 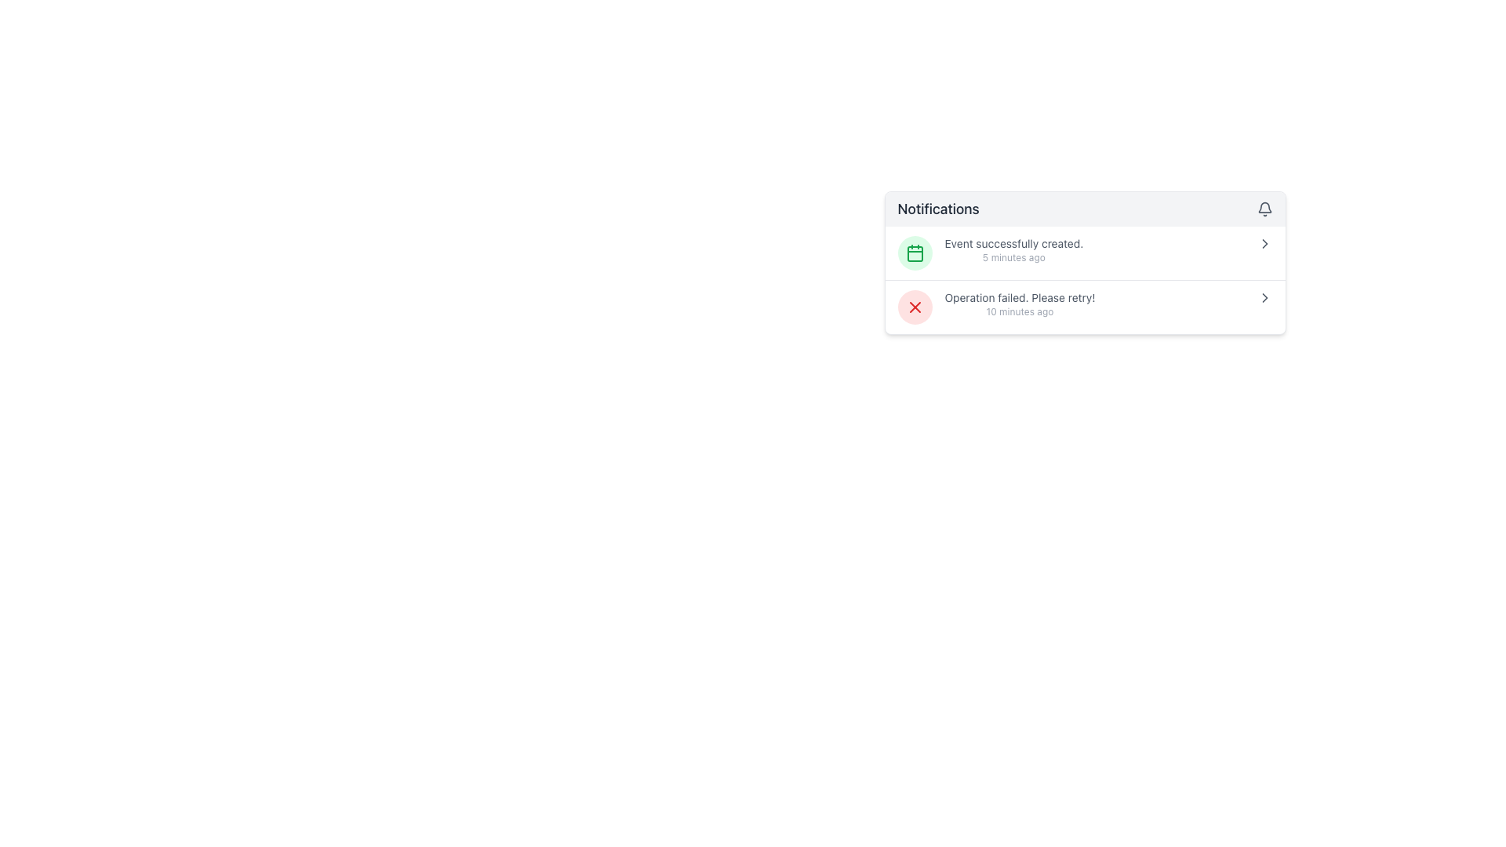 What do you see at coordinates (1264, 298) in the screenshot?
I see `the Chevron icon located at the far right of the notification entry 'Operation failed. Please retry!'` at bounding box center [1264, 298].